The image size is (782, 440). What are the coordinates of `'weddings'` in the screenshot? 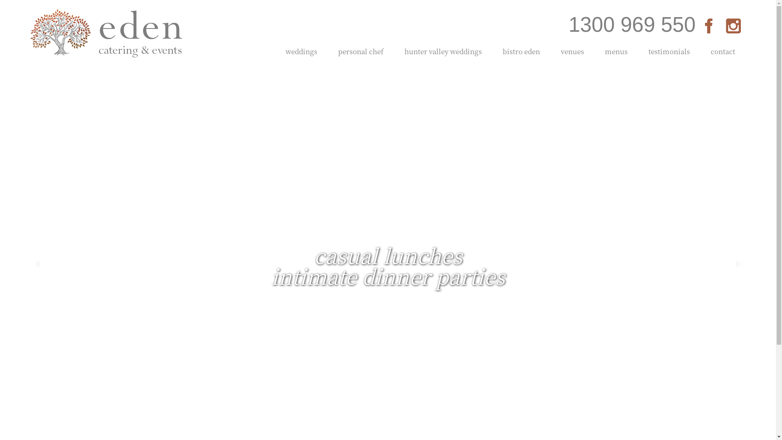 It's located at (301, 51).